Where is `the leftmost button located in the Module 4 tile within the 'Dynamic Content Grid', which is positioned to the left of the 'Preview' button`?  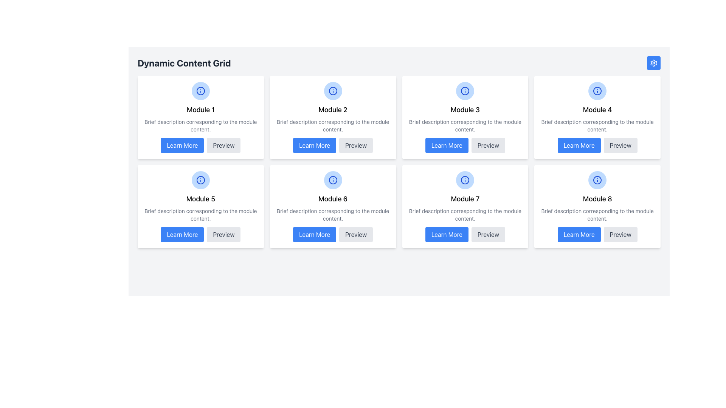 the leftmost button located in the Module 4 tile within the 'Dynamic Content Grid', which is positioned to the left of the 'Preview' button is located at coordinates (579, 145).